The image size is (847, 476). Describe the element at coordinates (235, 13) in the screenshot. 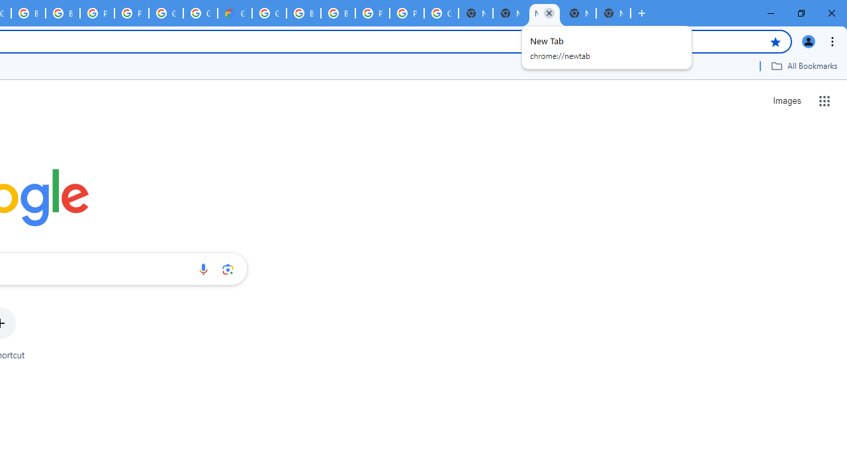

I see `'Google Cloud Estimate Summary'` at that location.